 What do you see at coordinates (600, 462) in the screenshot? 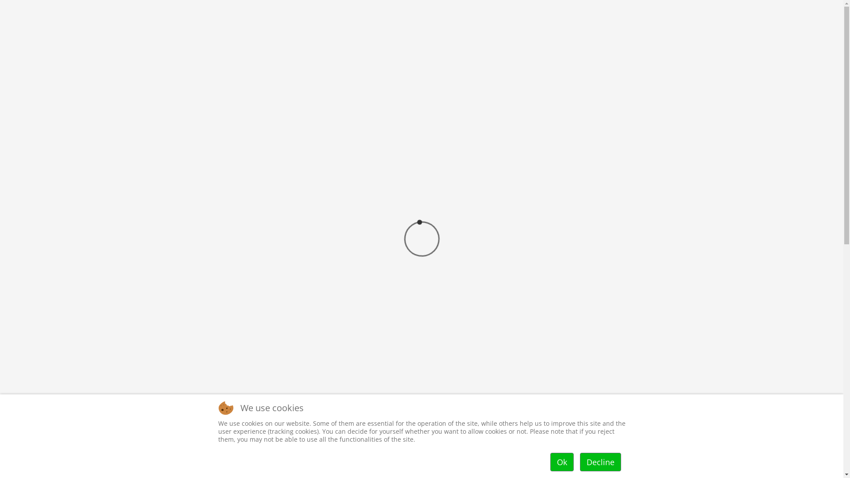
I see `'Decline'` at bounding box center [600, 462].